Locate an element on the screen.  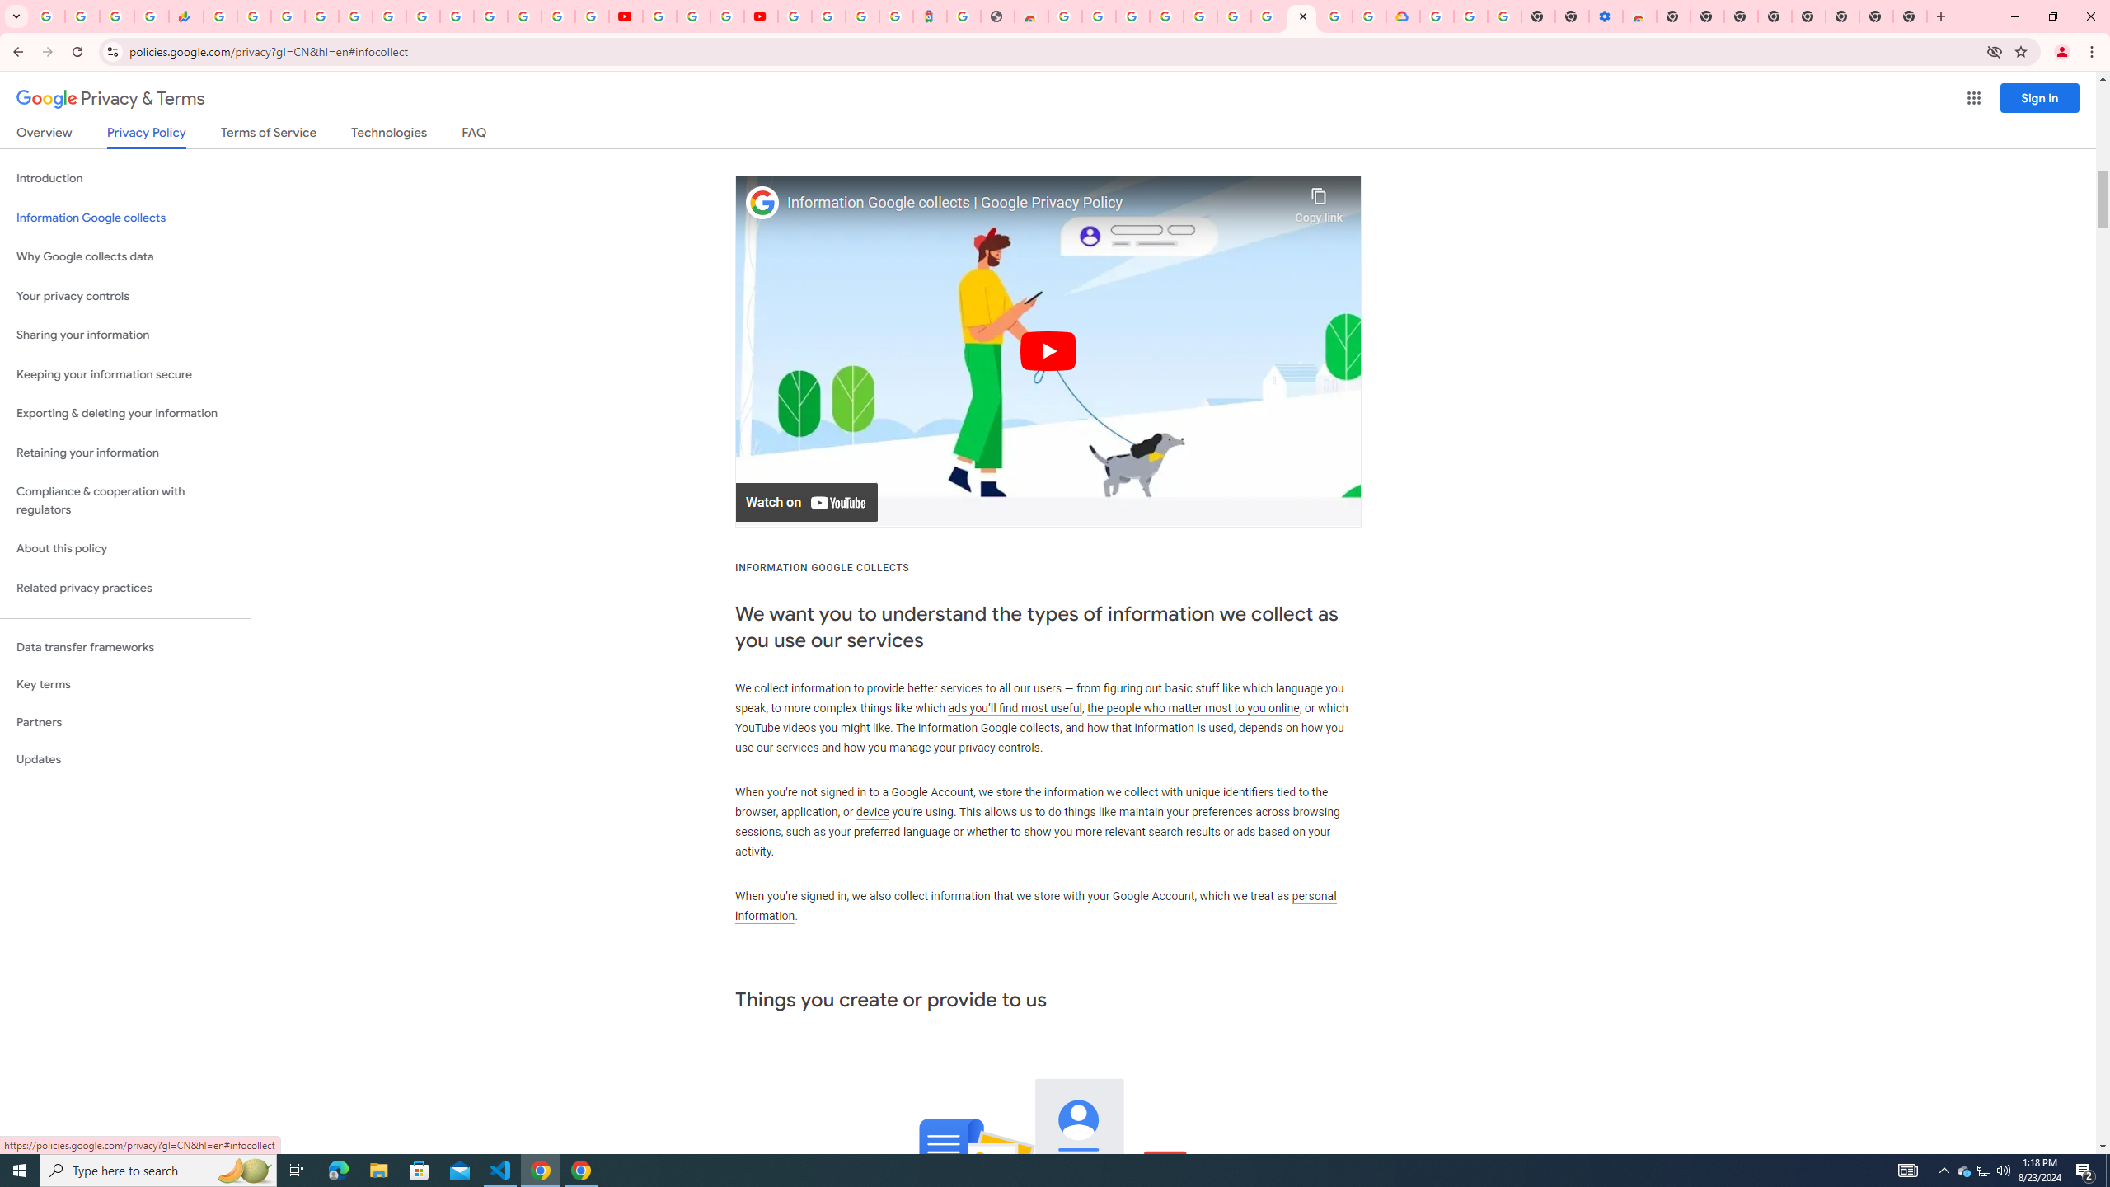
'Compliance & cooperation with regulators' is located at coordinates (124, 501).